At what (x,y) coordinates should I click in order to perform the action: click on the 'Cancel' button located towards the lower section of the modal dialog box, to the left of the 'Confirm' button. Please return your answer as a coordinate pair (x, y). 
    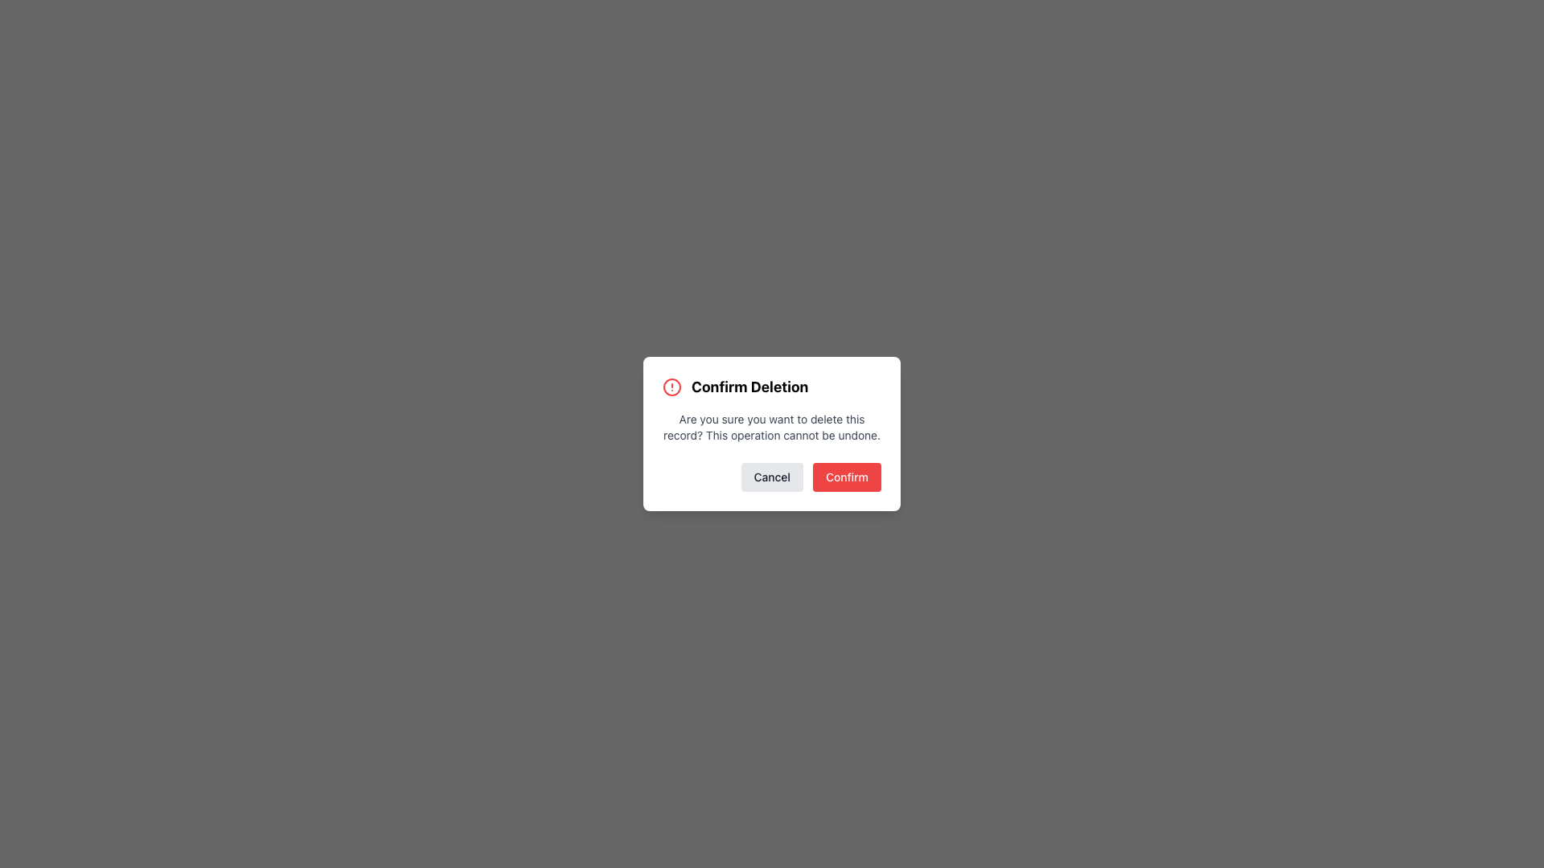
    Looking at the image, I should click on (772, 477).